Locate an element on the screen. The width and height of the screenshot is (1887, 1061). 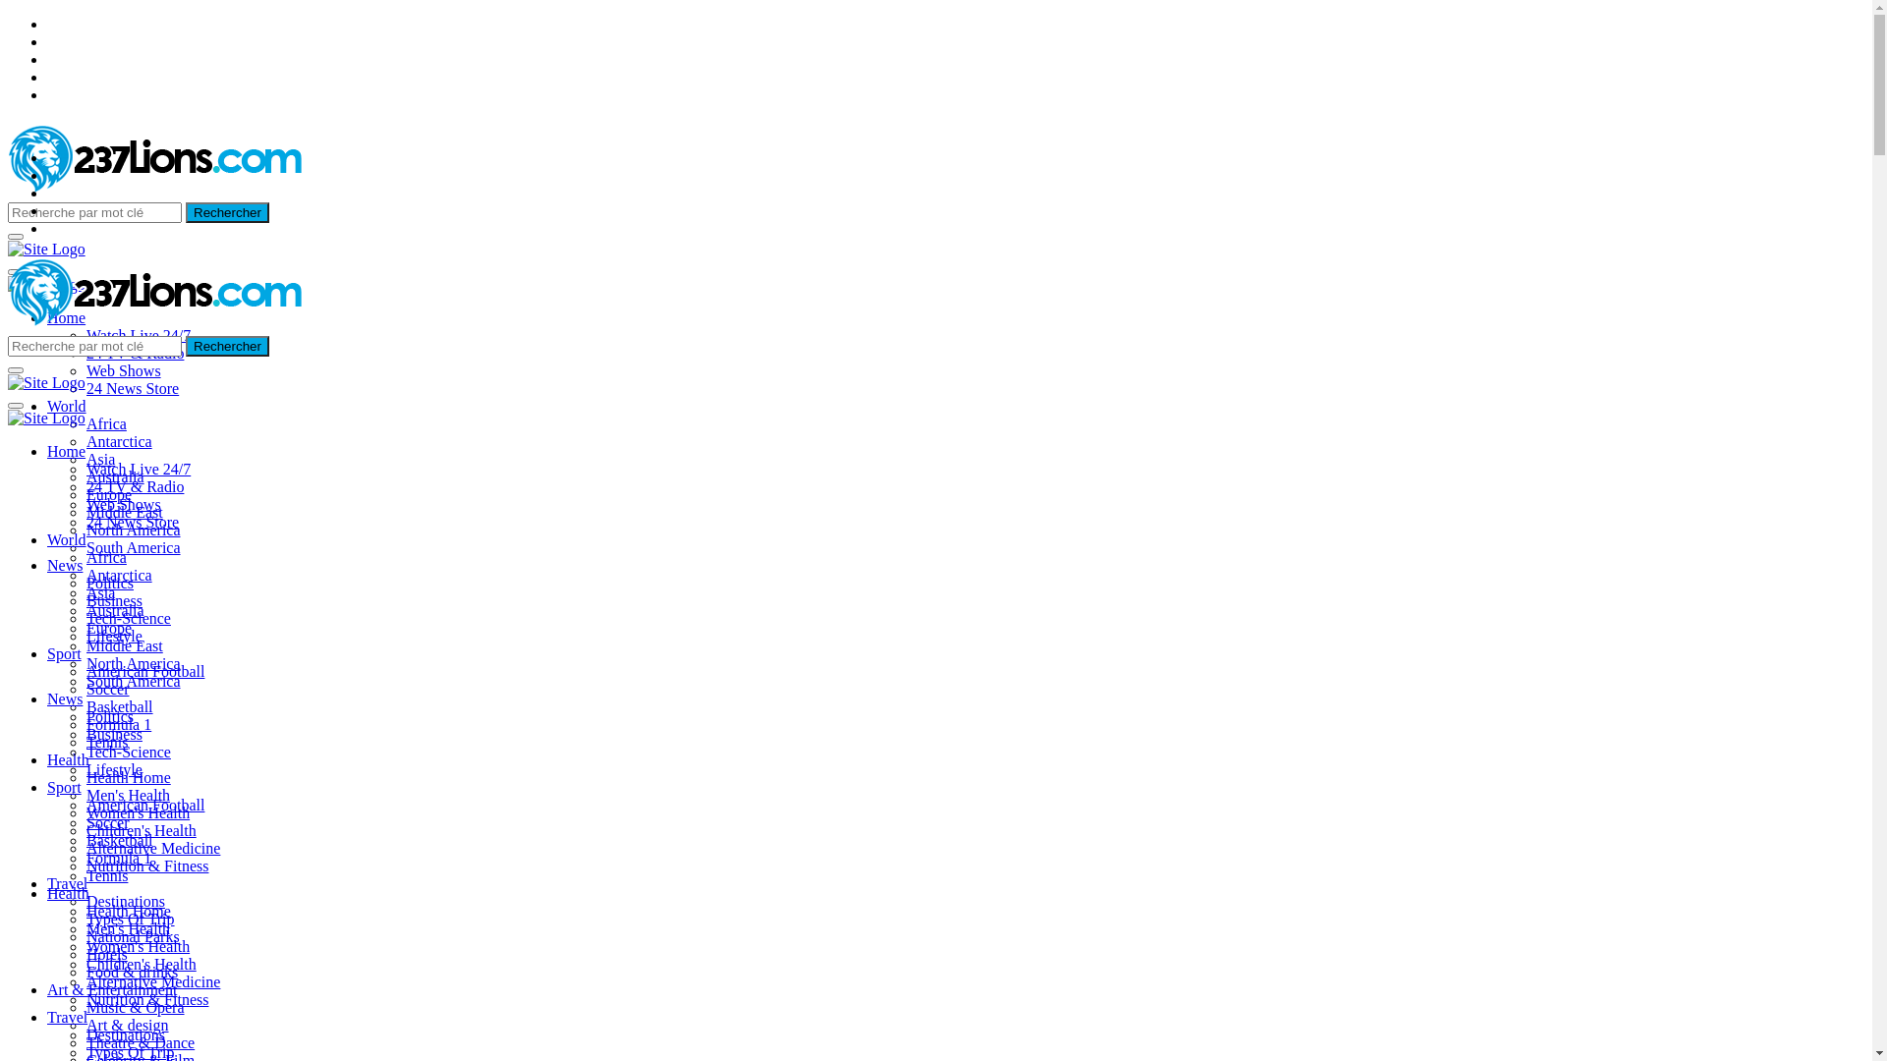
'Travel' is located at coordinates (47, 882).